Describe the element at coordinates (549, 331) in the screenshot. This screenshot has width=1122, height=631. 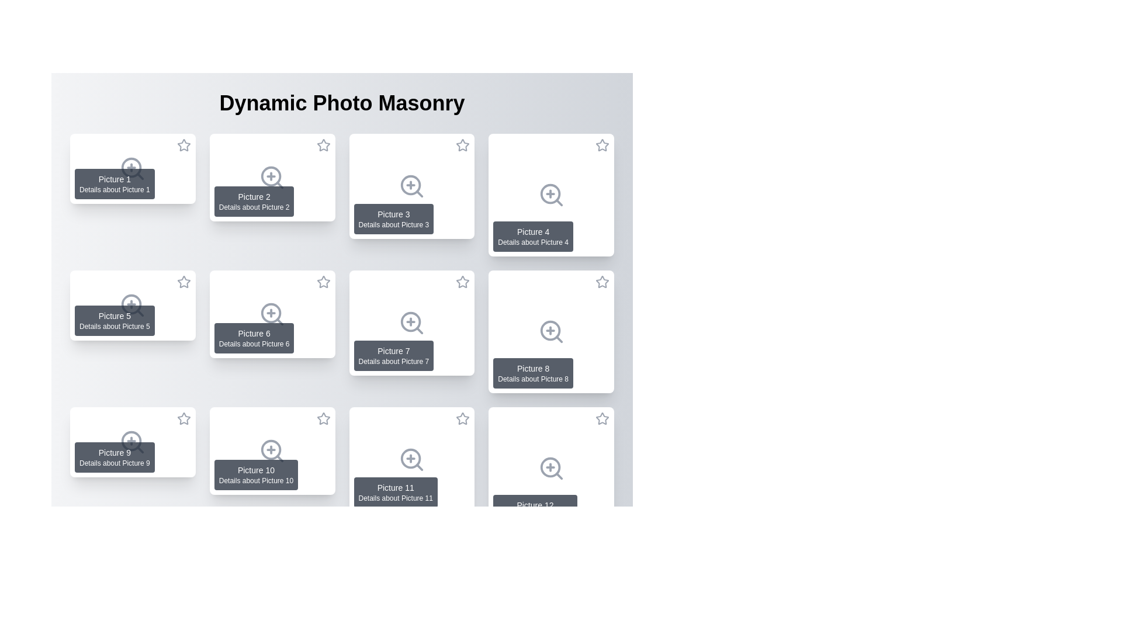
I see `the Circle element of the zoom-in icon that indicates an option to magnify the picture labeled 'Picture 8'` at that location.